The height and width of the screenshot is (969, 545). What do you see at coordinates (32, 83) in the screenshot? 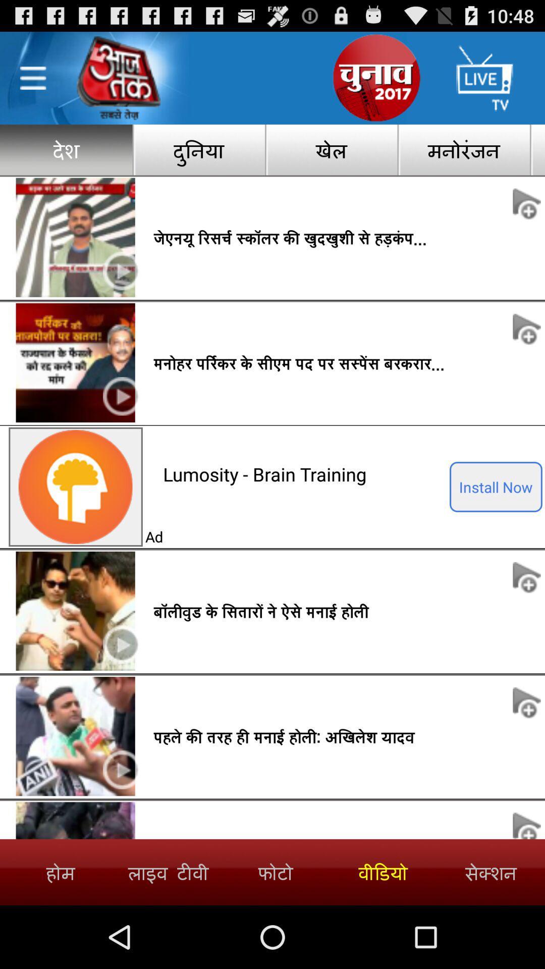
I see `the menu icon` at bounding box center [32, 83].